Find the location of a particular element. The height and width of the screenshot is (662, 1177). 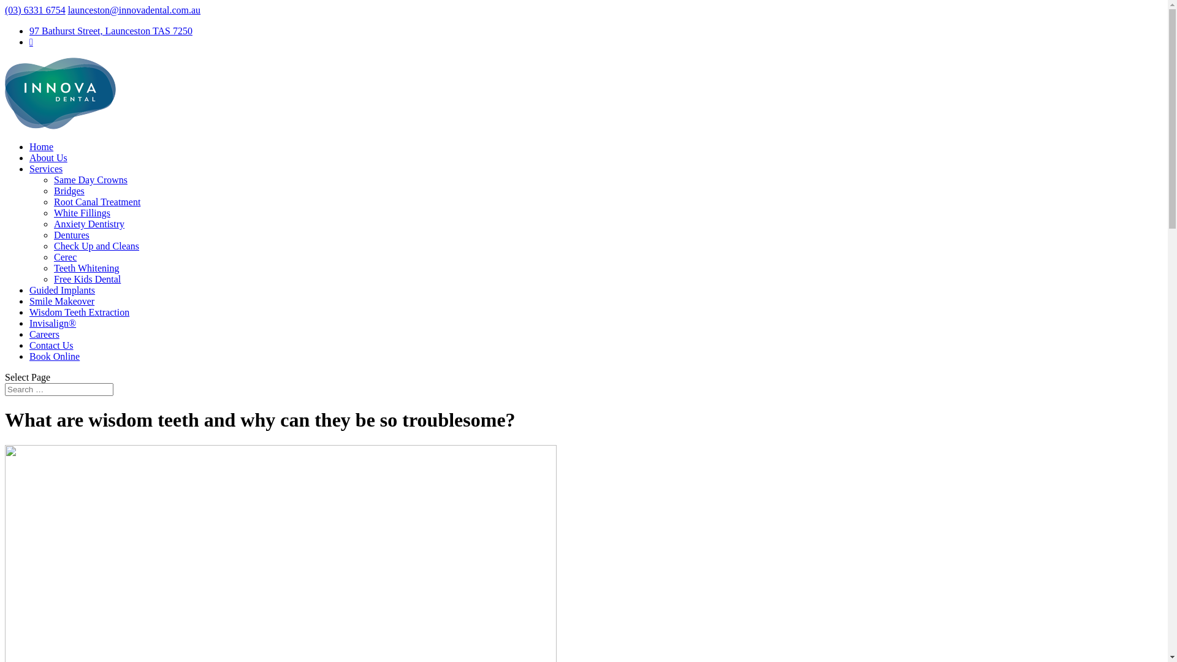

'launceston@innovadental.com.au' is located at coordinates (134, 10).